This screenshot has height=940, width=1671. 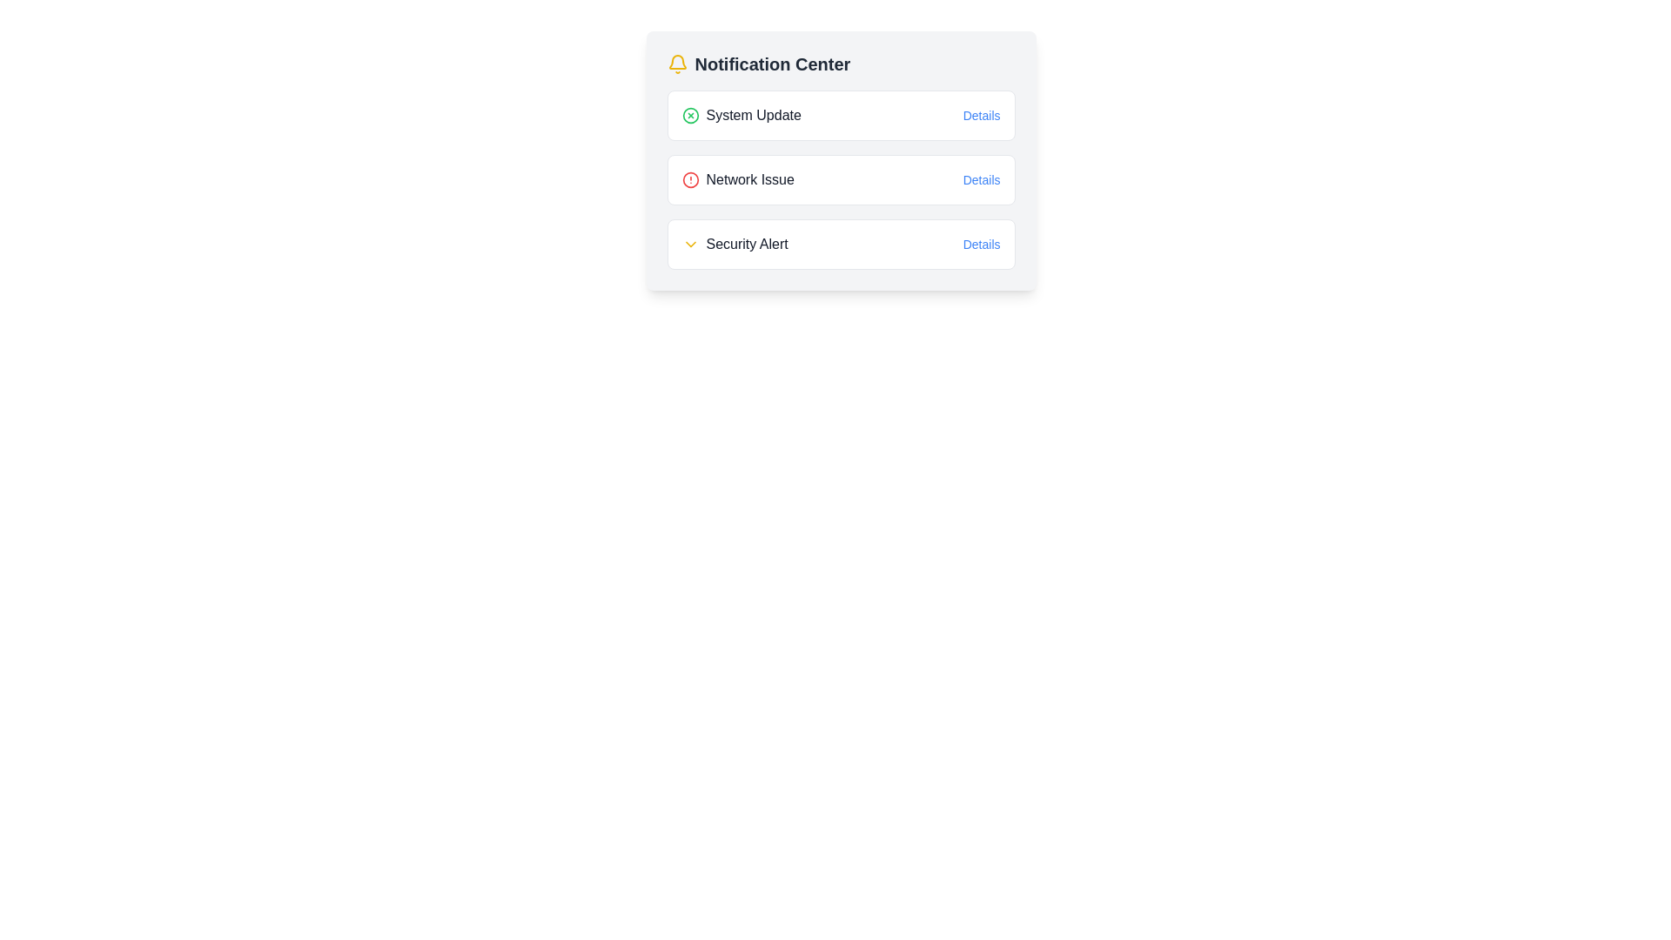 I want to click on the yellow downward pointing chevron icon located to the left of the 'Security Alert' text in the bottom-most row of the notification list, so click(x=689, y=245).